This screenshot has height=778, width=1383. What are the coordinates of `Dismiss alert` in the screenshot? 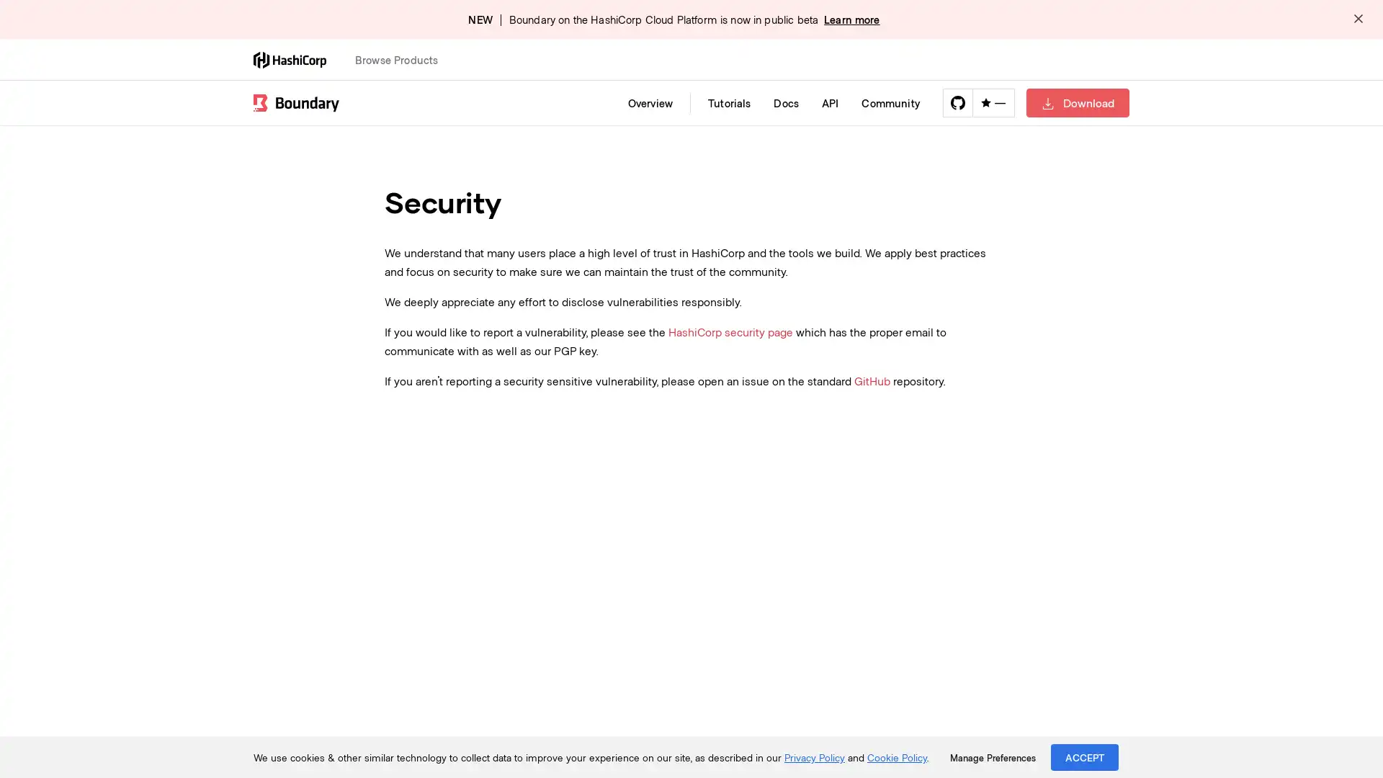 It's located at (1358, 19).